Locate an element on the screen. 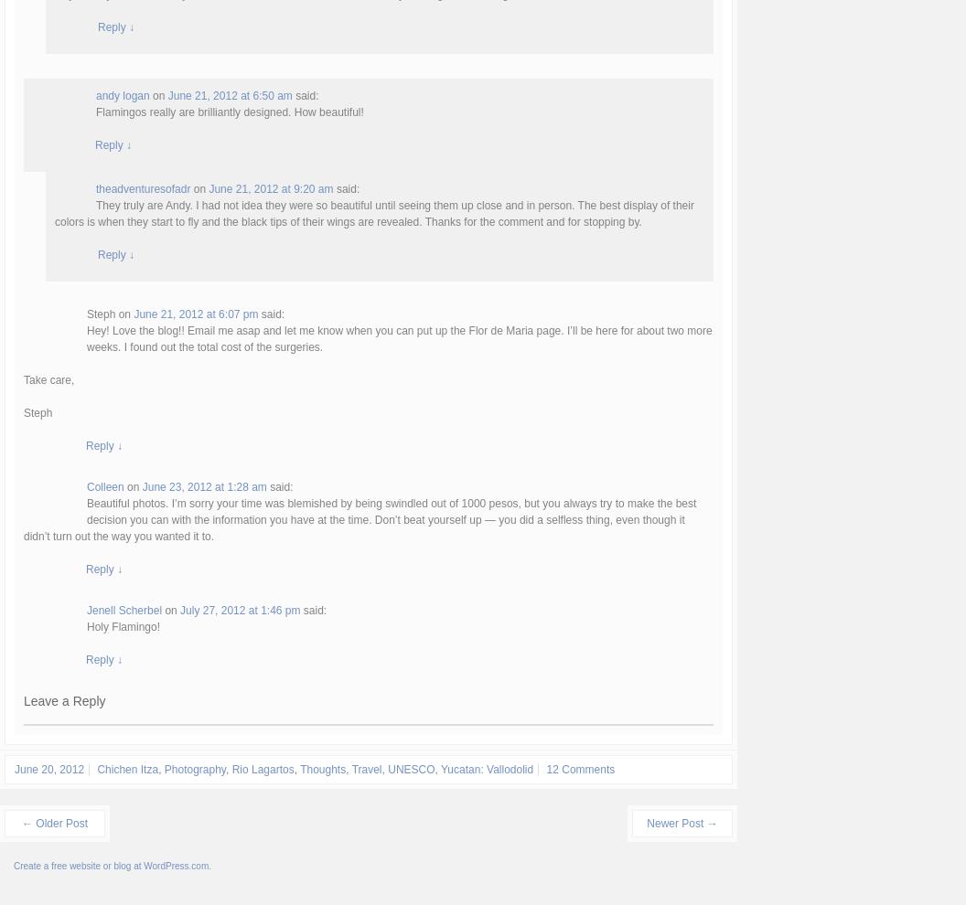 This screenshot has width=966, height=905. 'Beautiful photos. I’m sorry your time was blemished by being swindled out of 1000 pesos, but you always try to make the best decision you can with the information you have at the time. Don’t beat yourself up — you did a selfless thing, even though it didn’t turn out the way you wanted it to.' is located at coordinates (359, 518).